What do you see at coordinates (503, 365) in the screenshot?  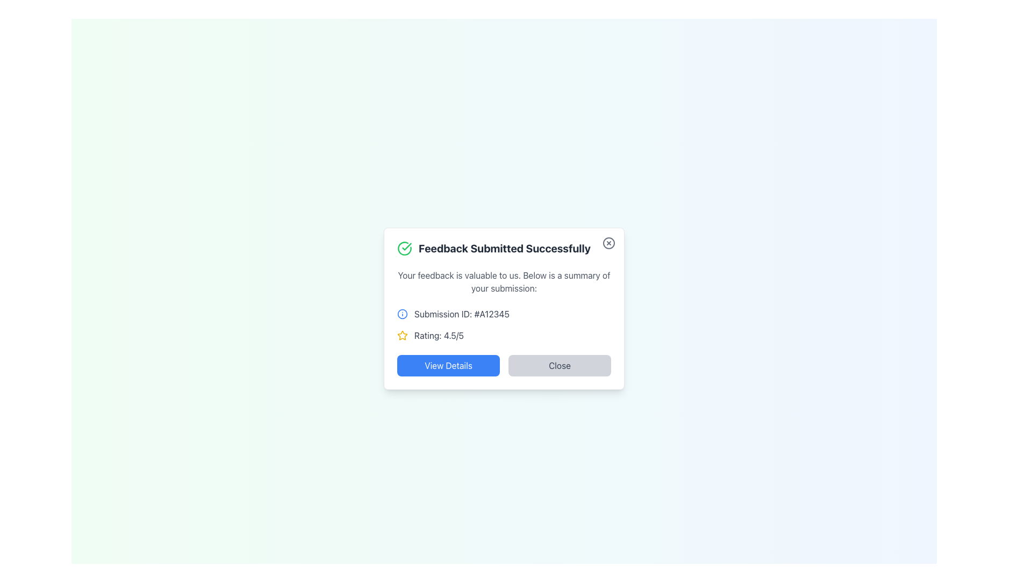 I see `the button group located at the bottom of the card layout that contains 'View Details' and 'Close' buttons to observe visual feedback` at bounding box center [503, 365].